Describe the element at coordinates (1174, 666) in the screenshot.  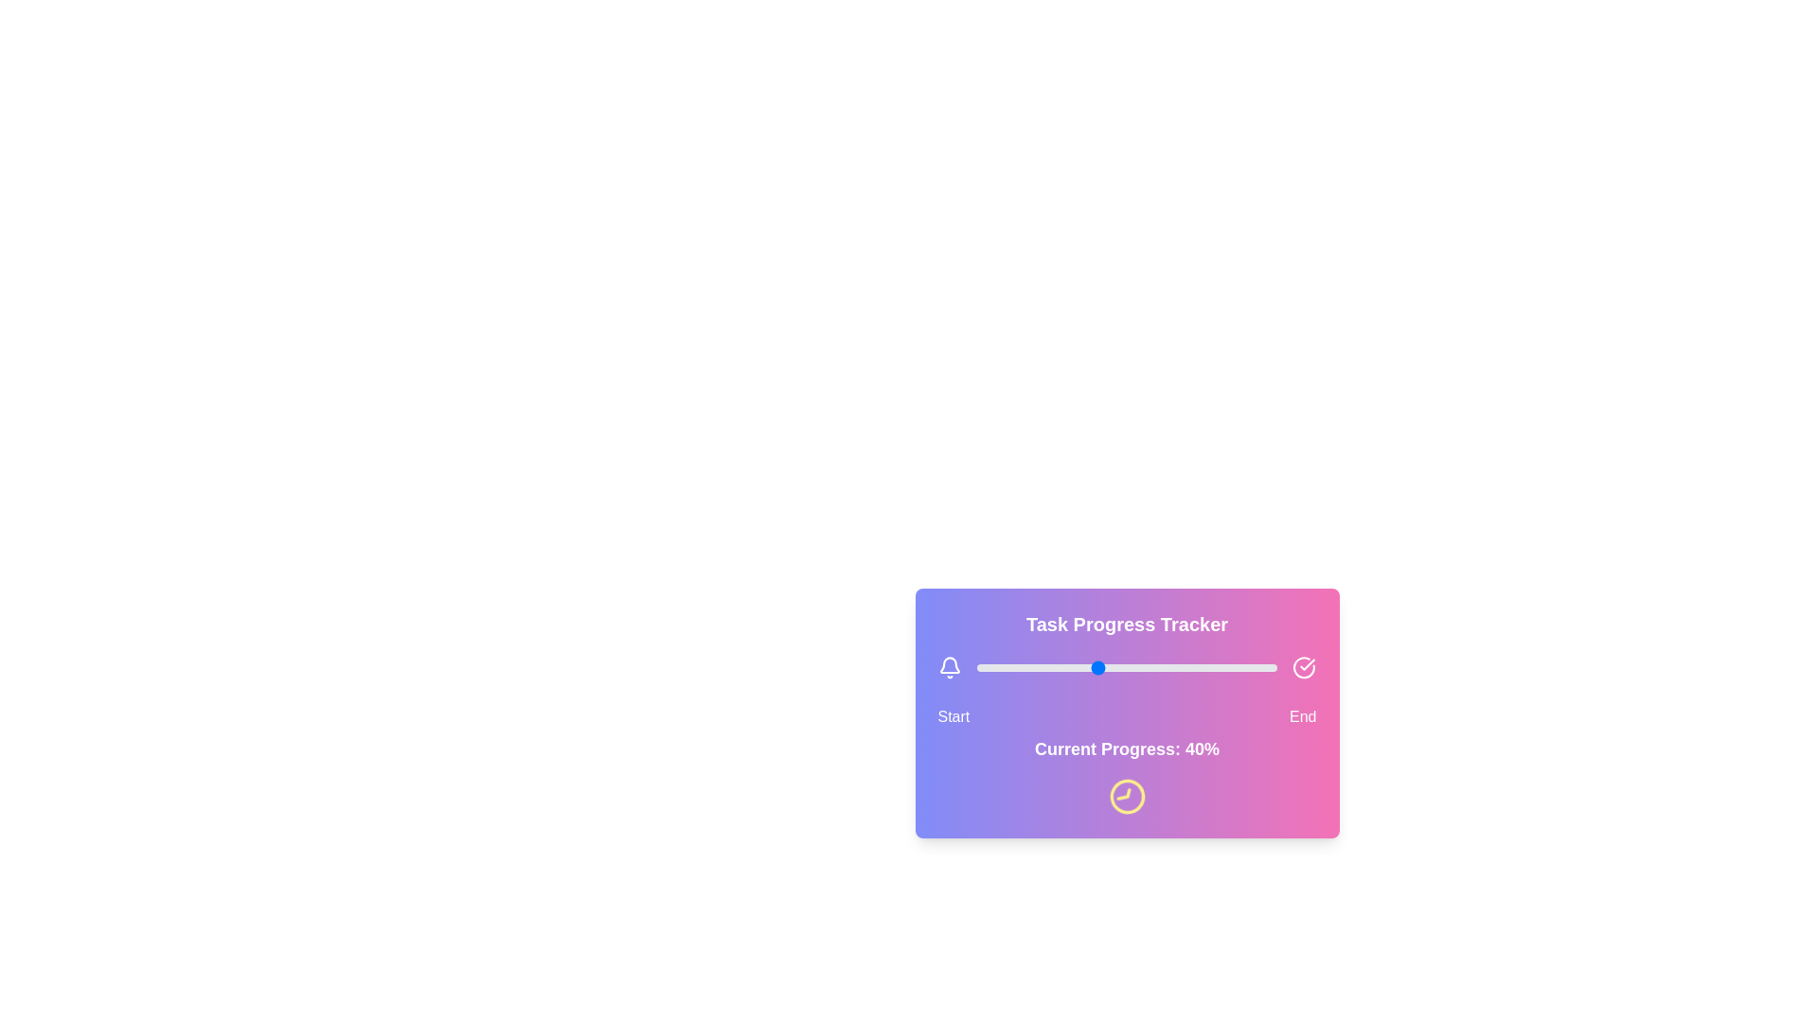
I see `the progress slider to 66%` at that location.